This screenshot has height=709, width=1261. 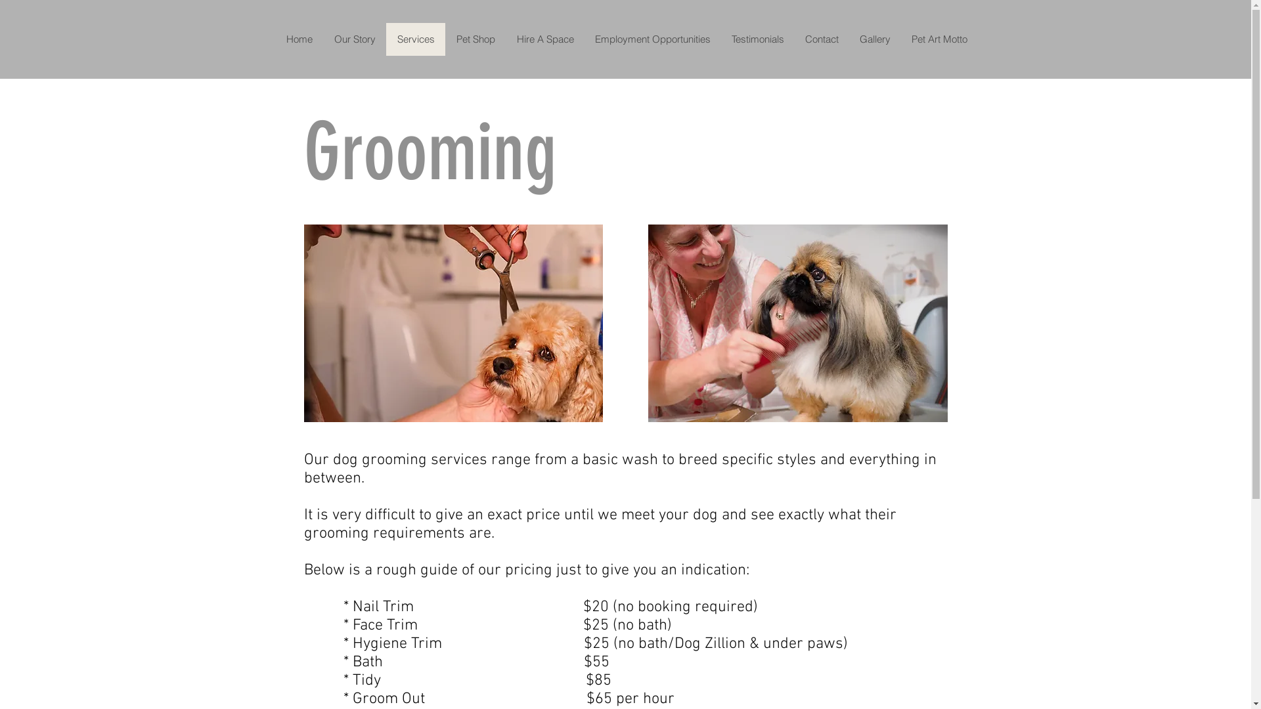 What do you see at coordinates (821, 39) in the screenshot?
I see `'Contact'` at bounding box center [821, 39].